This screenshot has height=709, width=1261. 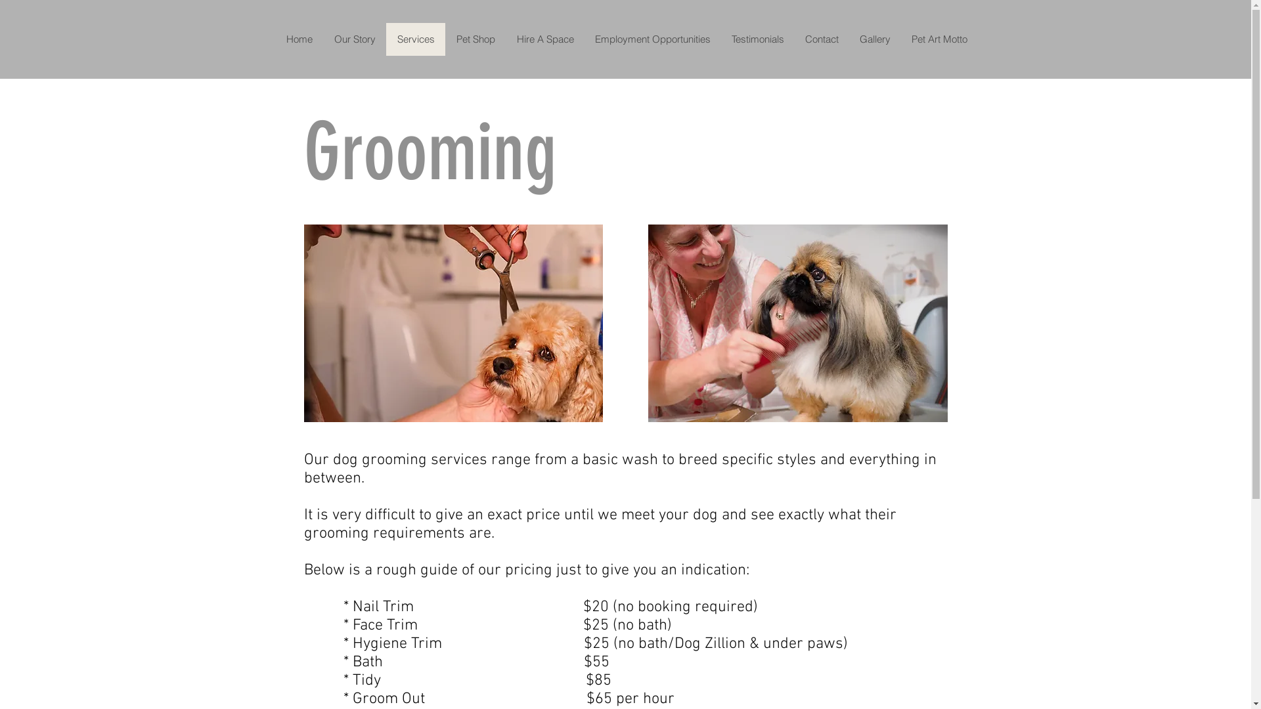 What do you see at coordinates (821, 39) in the screenshot?
I see `'Contact'` at bounding box center [821, 39].